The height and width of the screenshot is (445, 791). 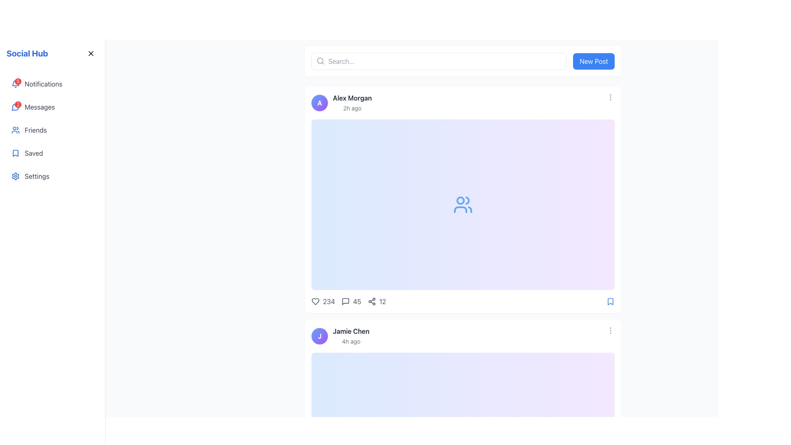 I want to click on the text that represents the share count, located to the right of the share icon at the bottom right area of the post card, so click(x=382, y=302).